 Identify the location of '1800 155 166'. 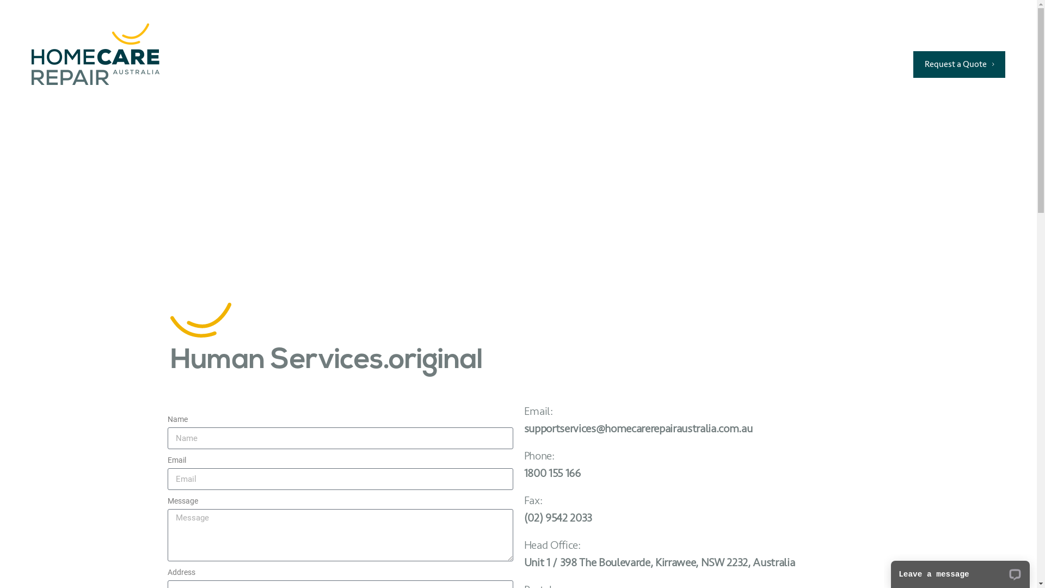
(945, 36).